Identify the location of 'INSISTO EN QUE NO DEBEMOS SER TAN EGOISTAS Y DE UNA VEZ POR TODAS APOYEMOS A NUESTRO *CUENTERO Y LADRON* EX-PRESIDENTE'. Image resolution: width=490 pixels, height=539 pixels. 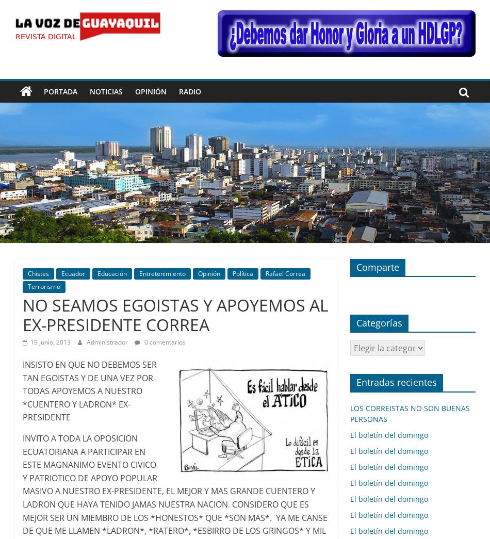
(89, 391).